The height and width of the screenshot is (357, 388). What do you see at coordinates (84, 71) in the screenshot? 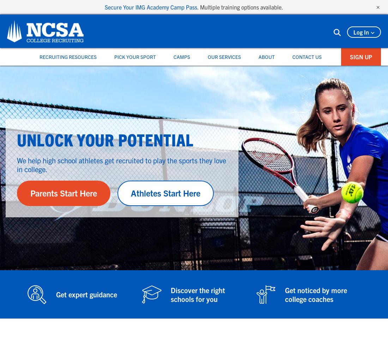
I see `'Women's Sports'` at bounding box center [84, 71].